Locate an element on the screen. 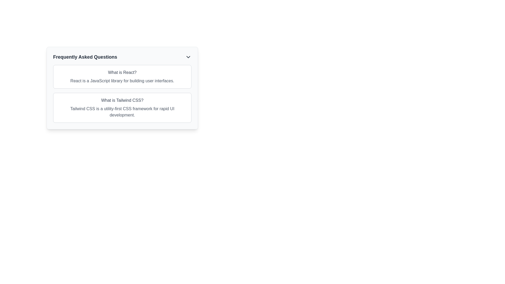 Image resolution: width=505 pixels, height=284 pixels. the Collapsible Header of the Frequently Asked Questions section for accessibility purposes is located at coordinates (122, 57).